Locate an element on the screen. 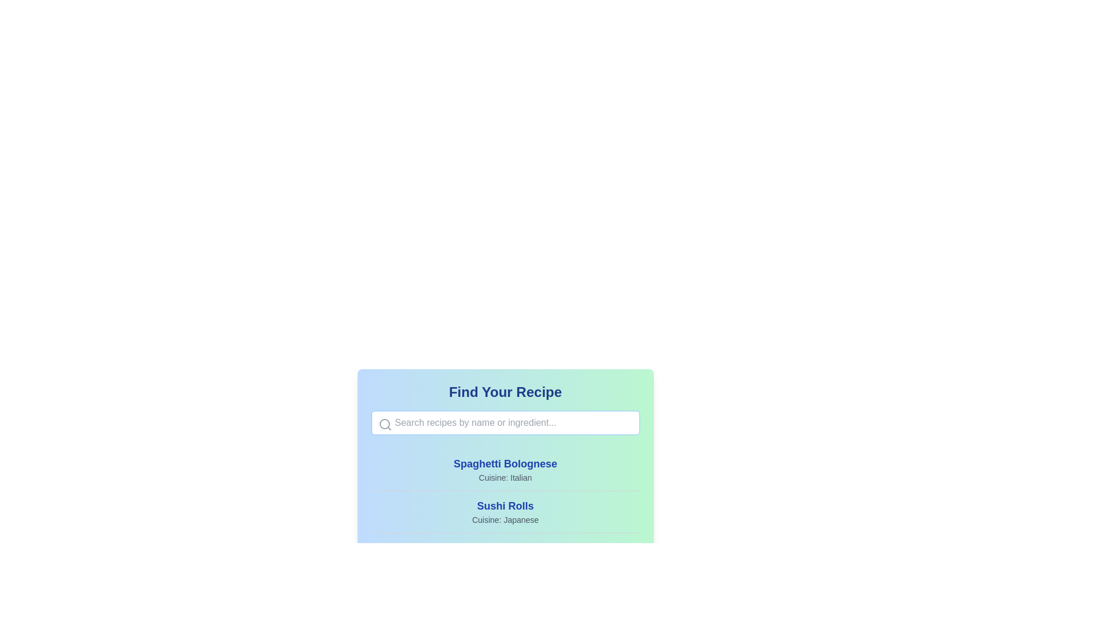 The image size is (1111, 624). the visual representation of the circular icon, which is a thin circular outline located within the search icon at the top left corner of the search bar is located at coordinates (384, 424).